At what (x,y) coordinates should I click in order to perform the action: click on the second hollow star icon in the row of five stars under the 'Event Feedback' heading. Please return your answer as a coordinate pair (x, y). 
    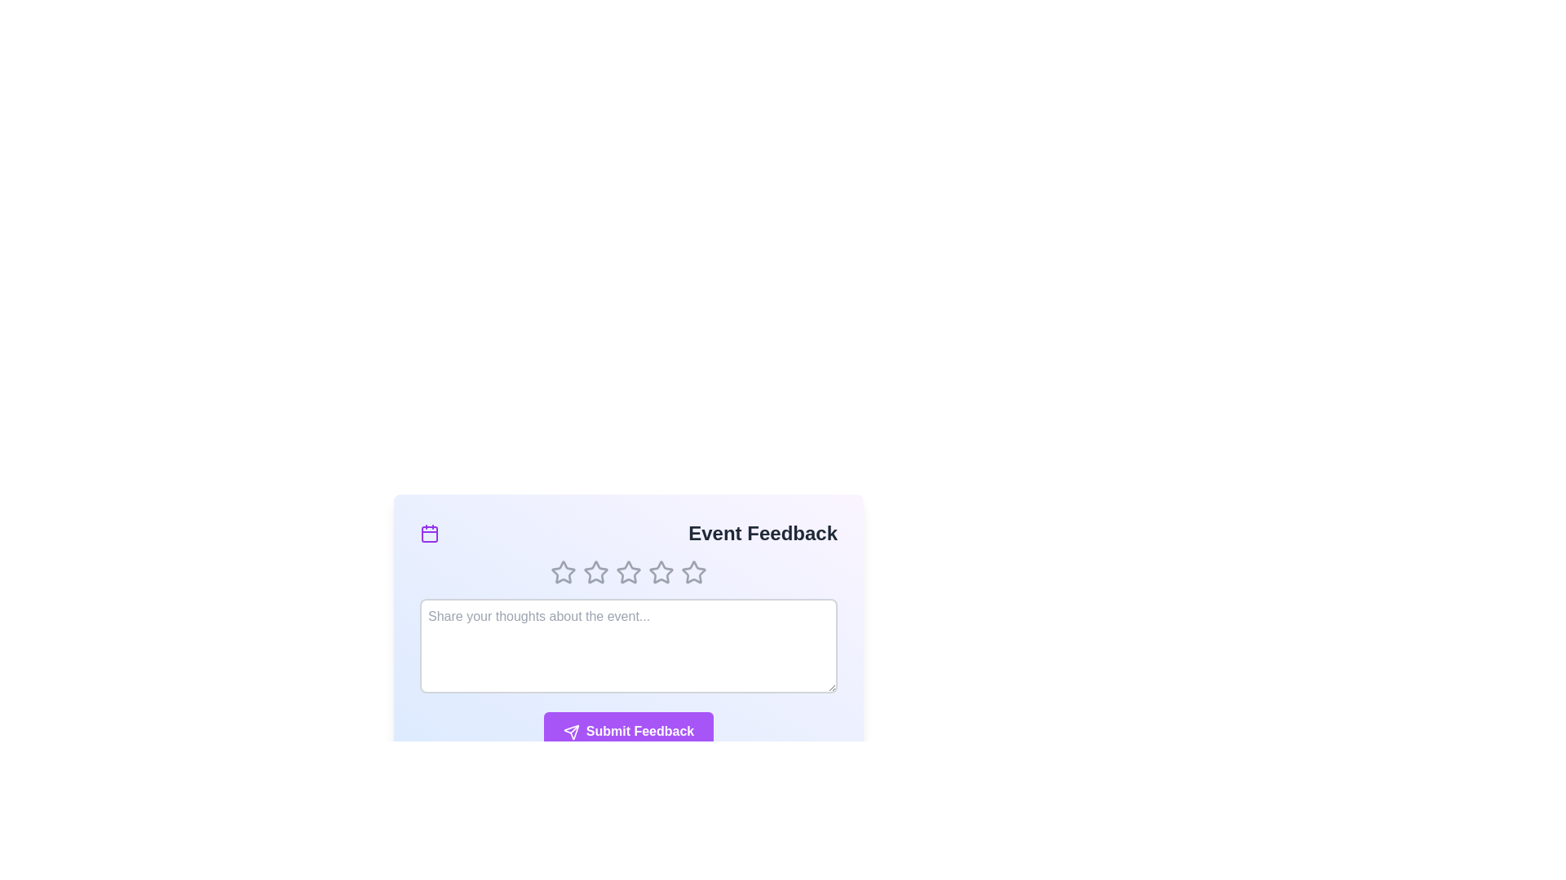
    Looking at the image, I should click on (628, 571).